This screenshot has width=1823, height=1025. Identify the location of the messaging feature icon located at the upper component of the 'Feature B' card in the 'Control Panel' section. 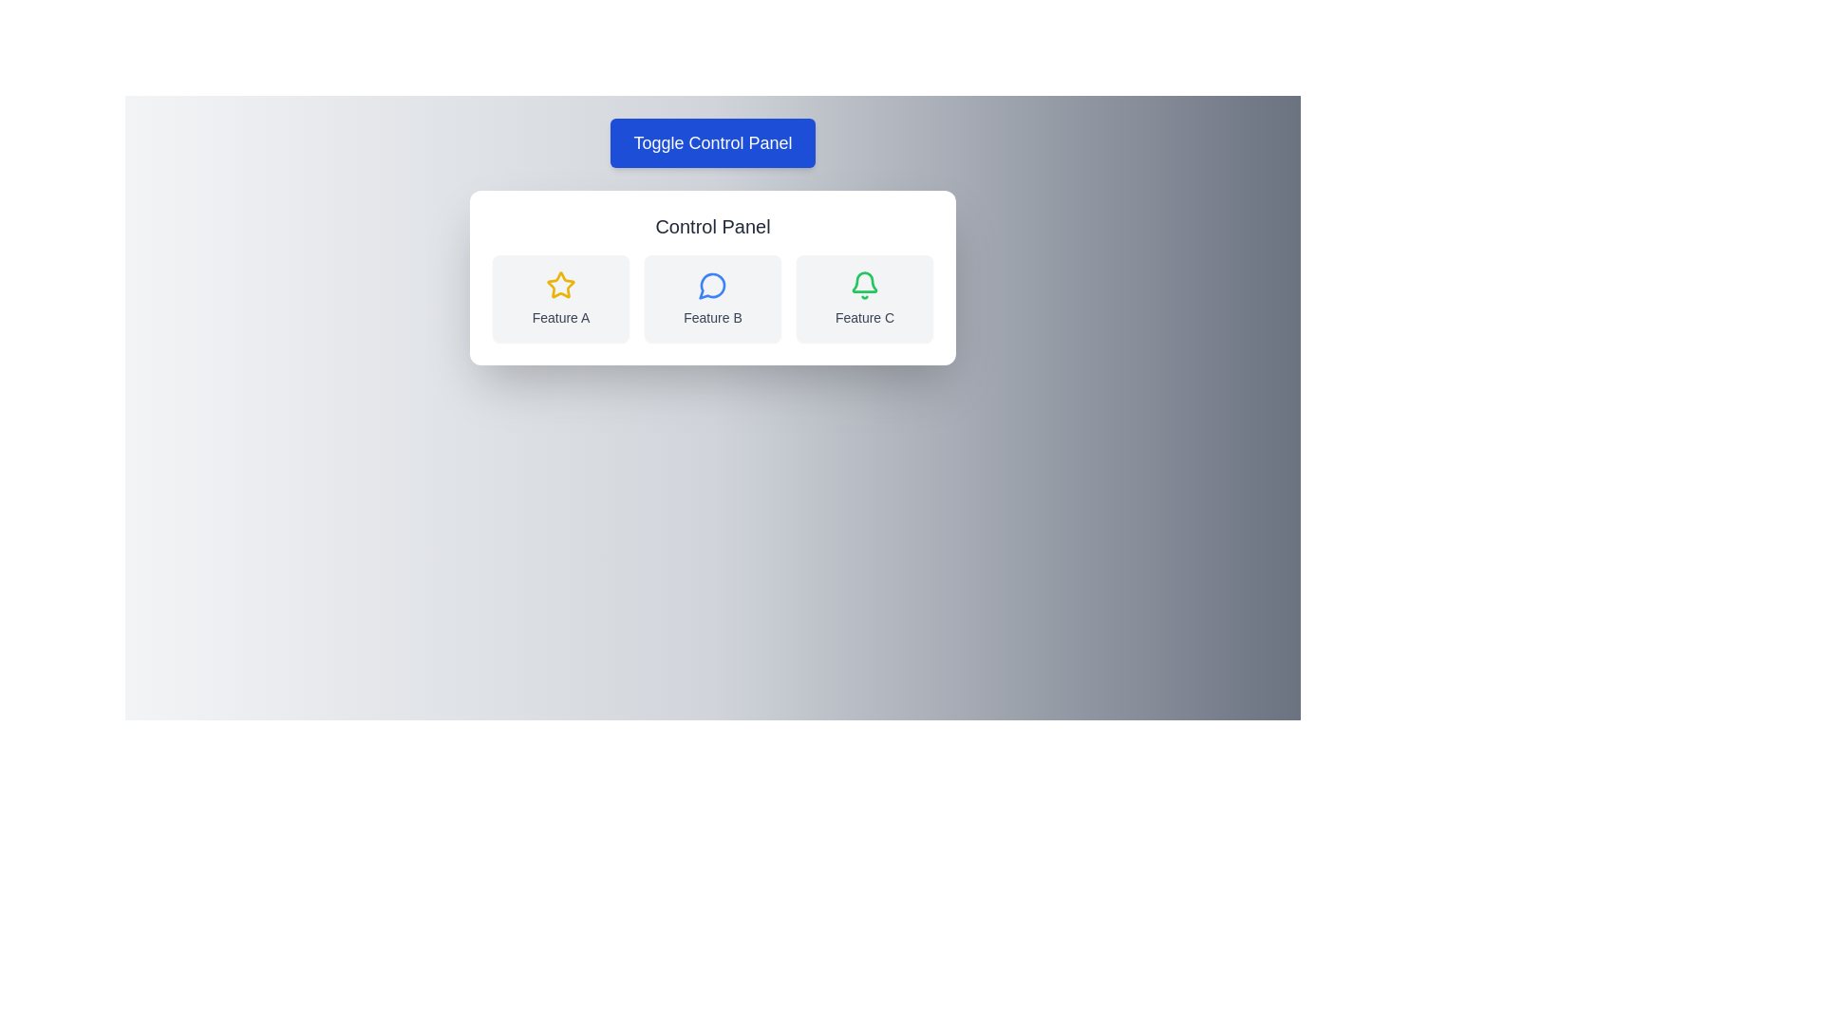
(711, 285).